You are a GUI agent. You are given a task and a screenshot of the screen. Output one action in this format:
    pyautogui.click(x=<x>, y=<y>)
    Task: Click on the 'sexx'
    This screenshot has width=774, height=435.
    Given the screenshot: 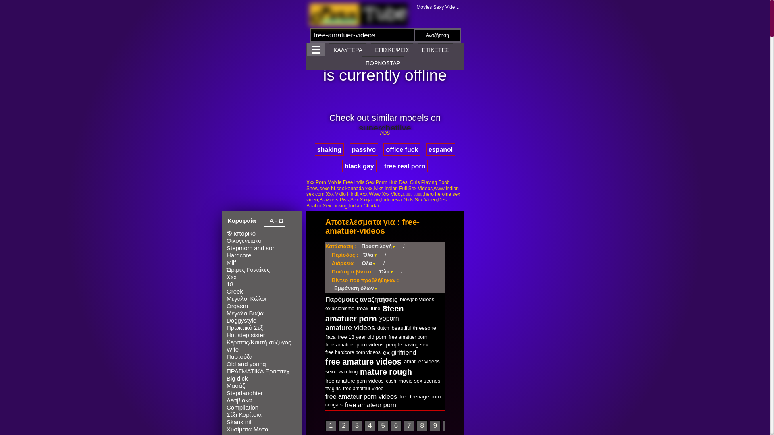 What is the action you would take?
    pyautogui.click(x=331, y=371)
    